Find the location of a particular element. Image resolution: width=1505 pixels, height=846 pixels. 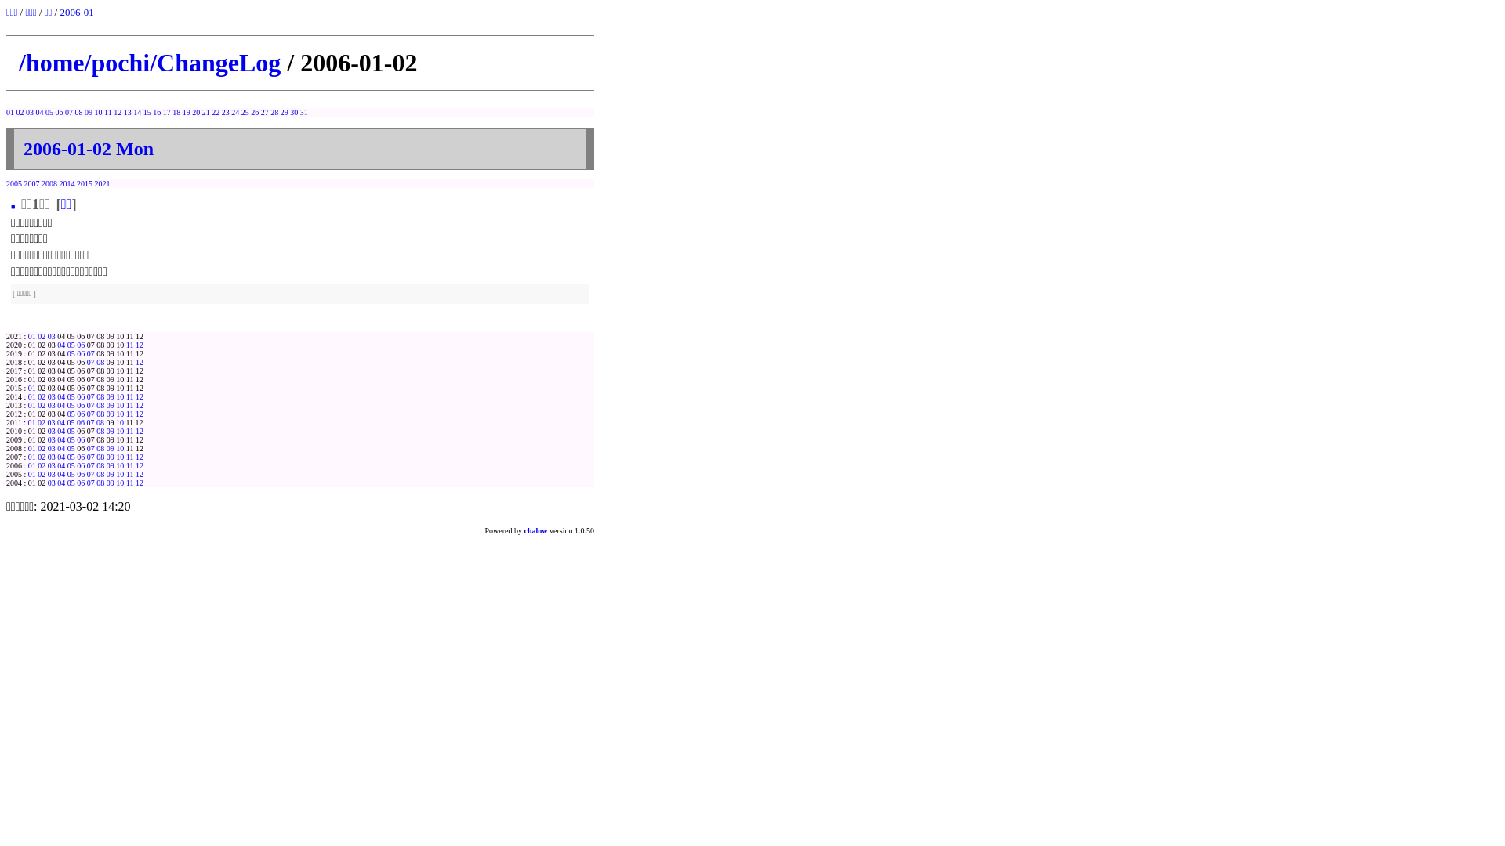

'01' is located at coordinates (10, 111).